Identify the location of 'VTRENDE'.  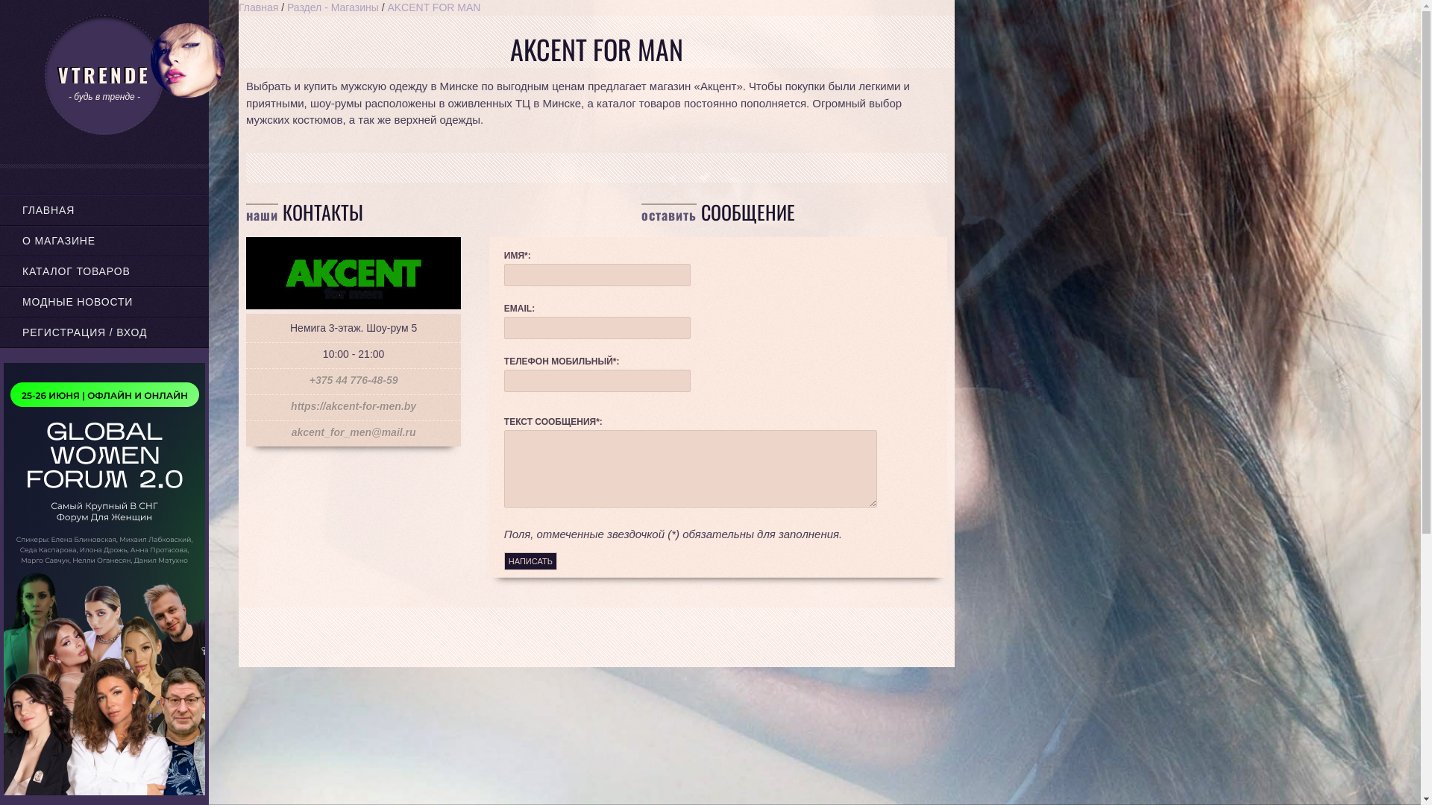
(103, 75).